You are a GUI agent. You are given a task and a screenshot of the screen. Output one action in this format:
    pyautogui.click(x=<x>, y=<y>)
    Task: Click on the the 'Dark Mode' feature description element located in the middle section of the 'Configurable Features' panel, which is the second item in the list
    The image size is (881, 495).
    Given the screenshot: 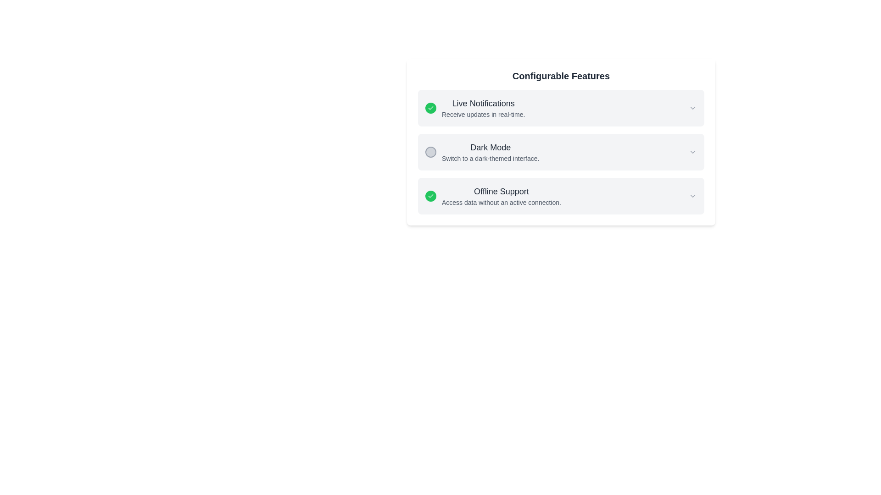 What is the action you would take?
    pyautogui.click(x=482, y=151)
    